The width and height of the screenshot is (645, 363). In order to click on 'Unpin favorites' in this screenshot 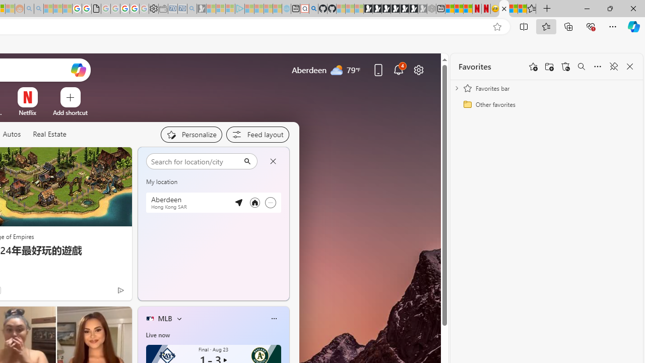, I will do `click(613, 67)`.